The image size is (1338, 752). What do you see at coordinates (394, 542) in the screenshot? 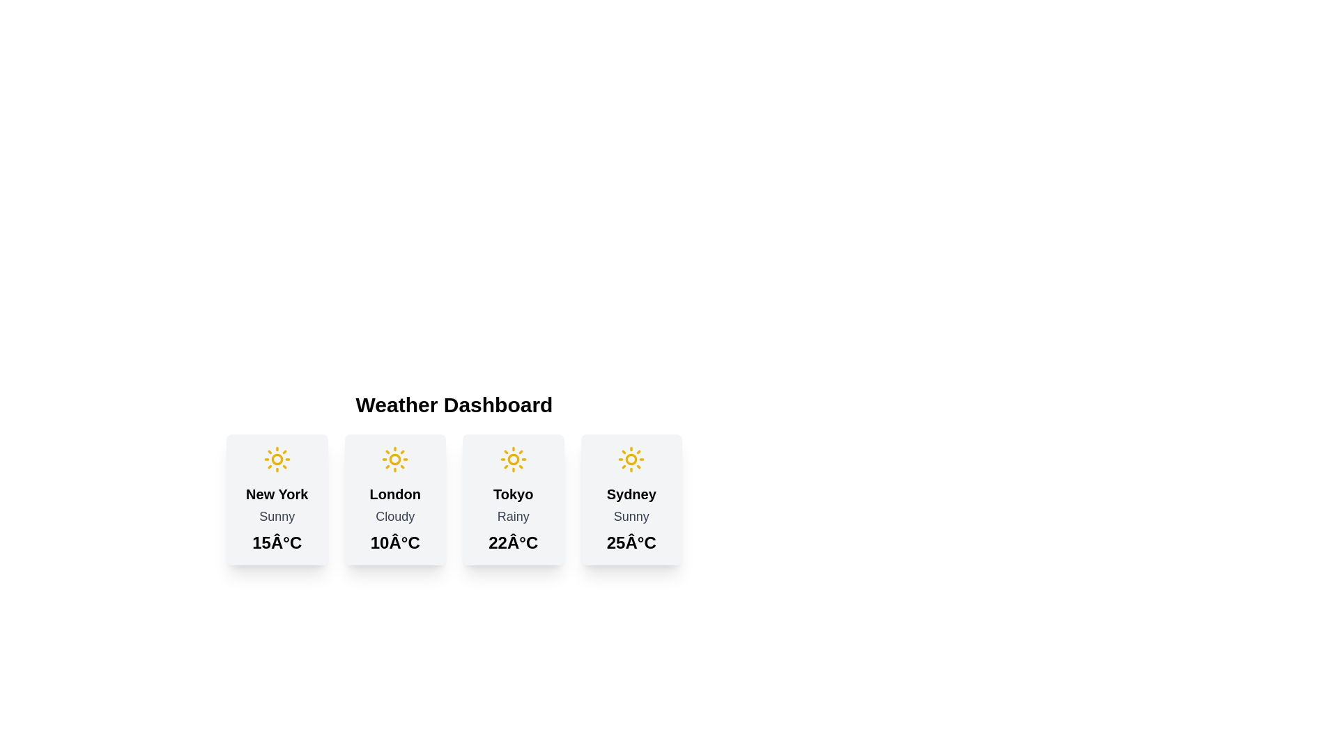
I see `the static label displaying the temperature for the weather forecast located at the bottom of the second weather card, below the text 'Cloudy'` at bounding box center [394, 542].